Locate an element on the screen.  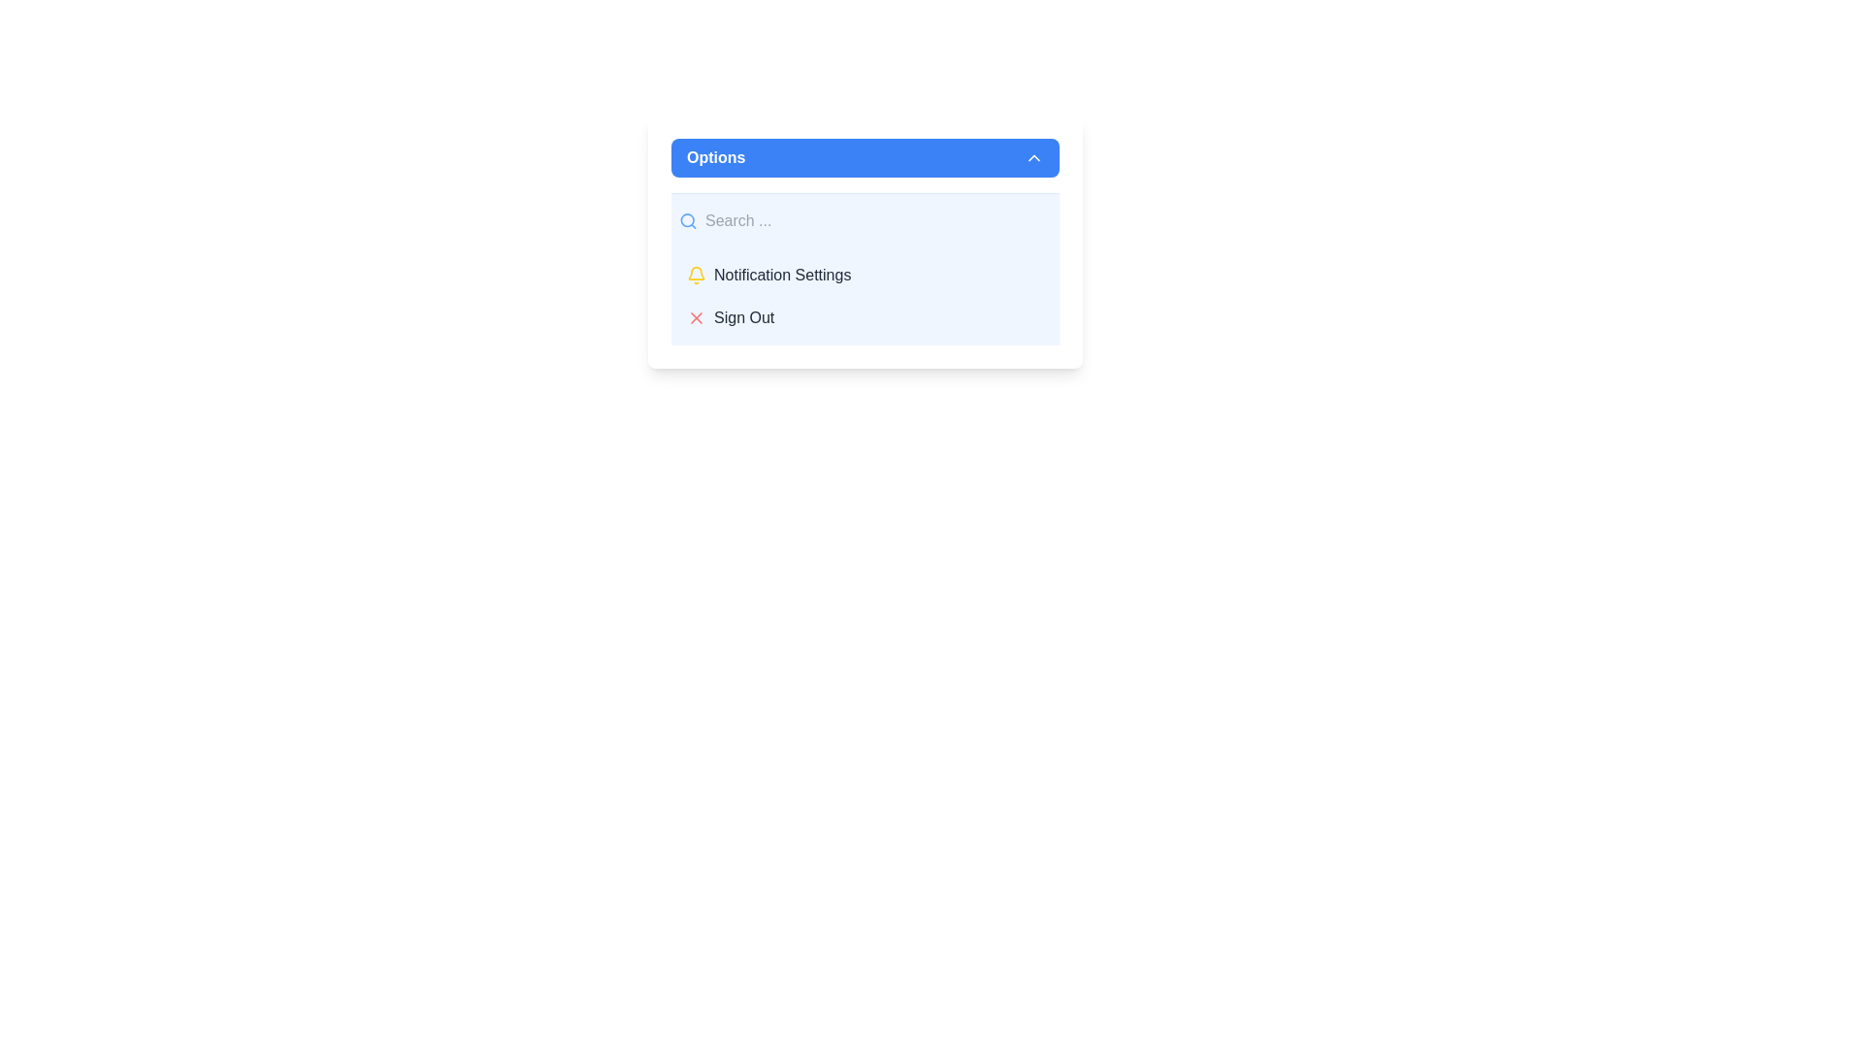
the SVG Circle element that visually represents part of a search or magnifying glass icon is located at coordinates (687, 219).